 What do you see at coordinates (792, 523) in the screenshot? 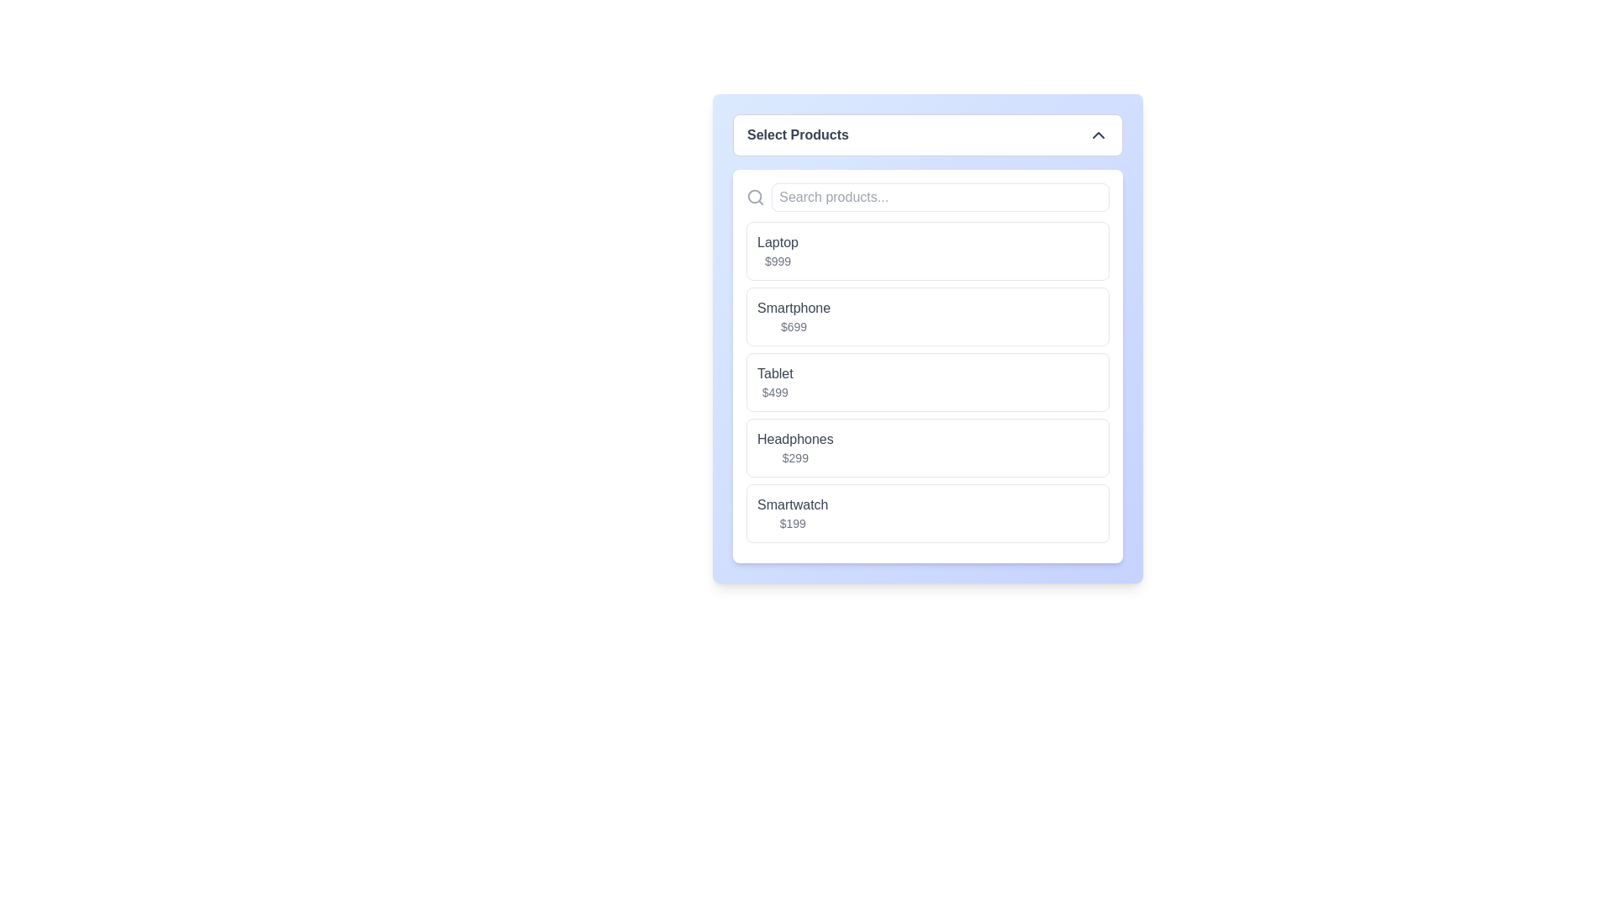
I see `the price displayed in the label located at the lower portion of the 'Smartwatch' item block in the product selection interface` at bounding box center [792, 523].